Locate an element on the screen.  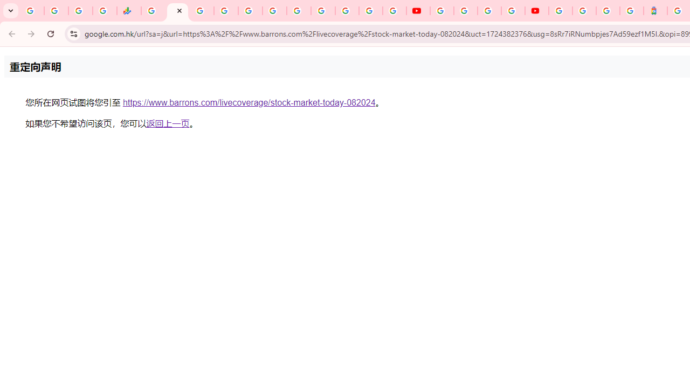
'YouTube' is located at coordinates (441, 11).